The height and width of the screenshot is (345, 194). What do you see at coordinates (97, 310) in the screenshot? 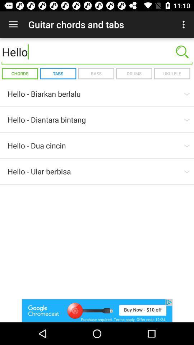
I see `advertisement` at bounding box center [97, 310].